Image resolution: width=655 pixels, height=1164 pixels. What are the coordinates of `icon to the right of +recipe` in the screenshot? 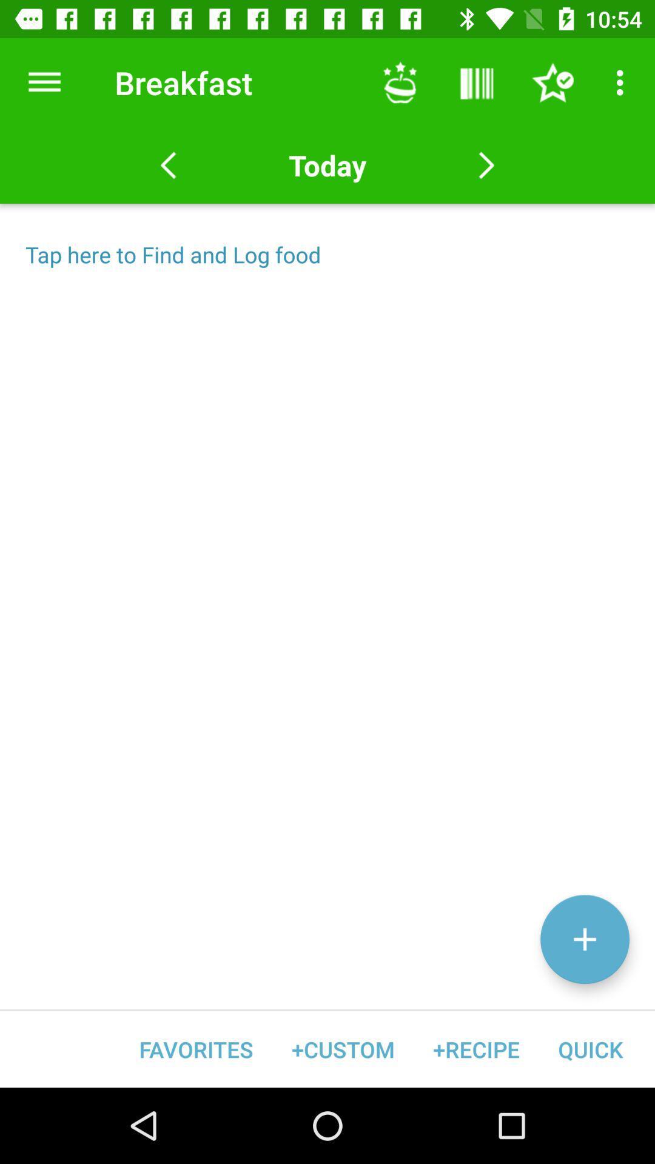 It's located at (589, 1049).